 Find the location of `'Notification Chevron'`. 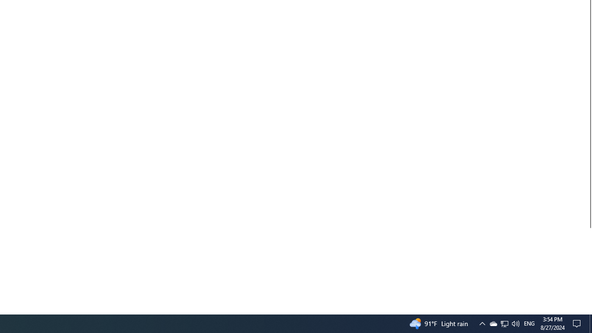

'Notification Chevron' is located at coordinates (481, 323).